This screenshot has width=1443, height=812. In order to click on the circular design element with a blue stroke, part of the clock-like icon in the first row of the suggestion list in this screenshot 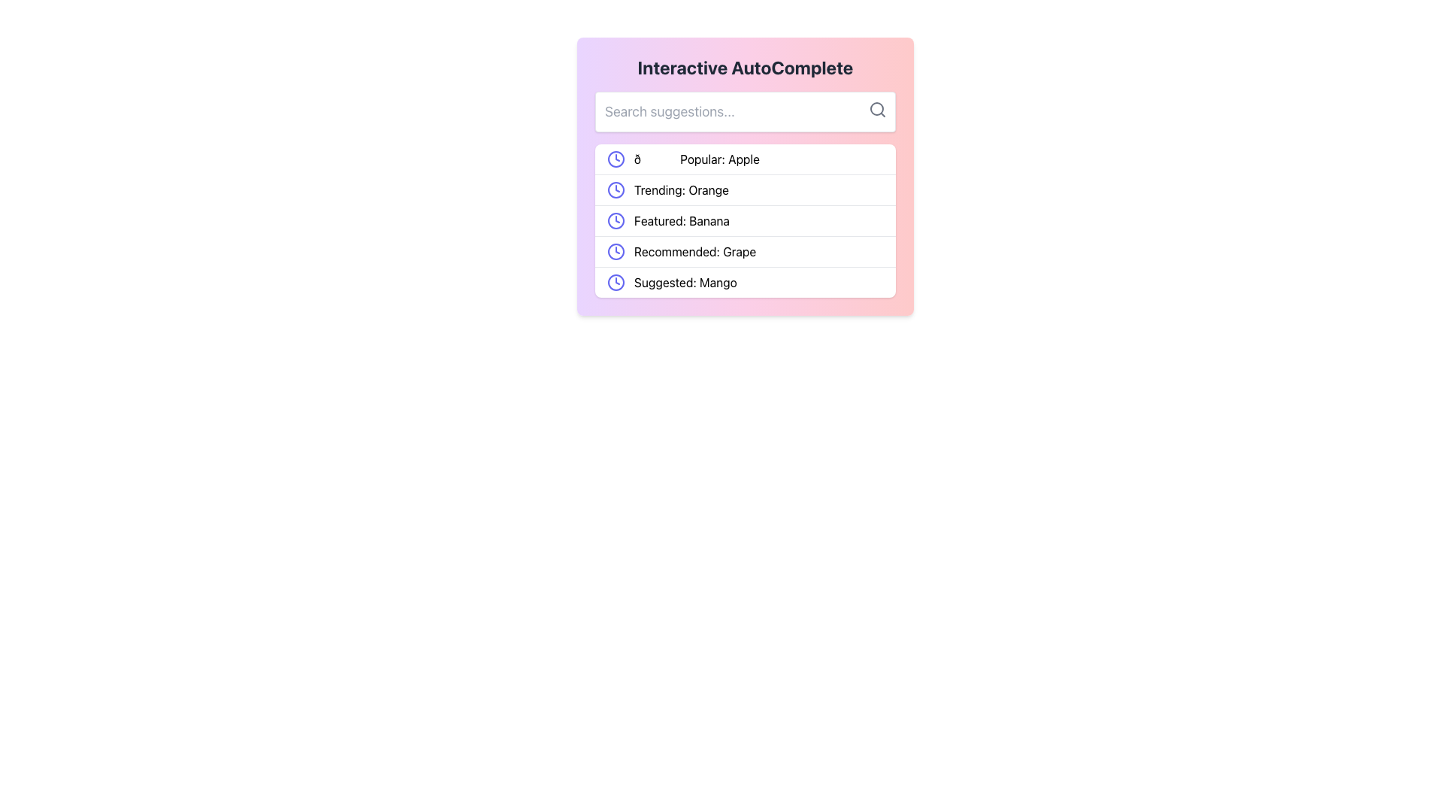, I will do `click(616, 282)`.